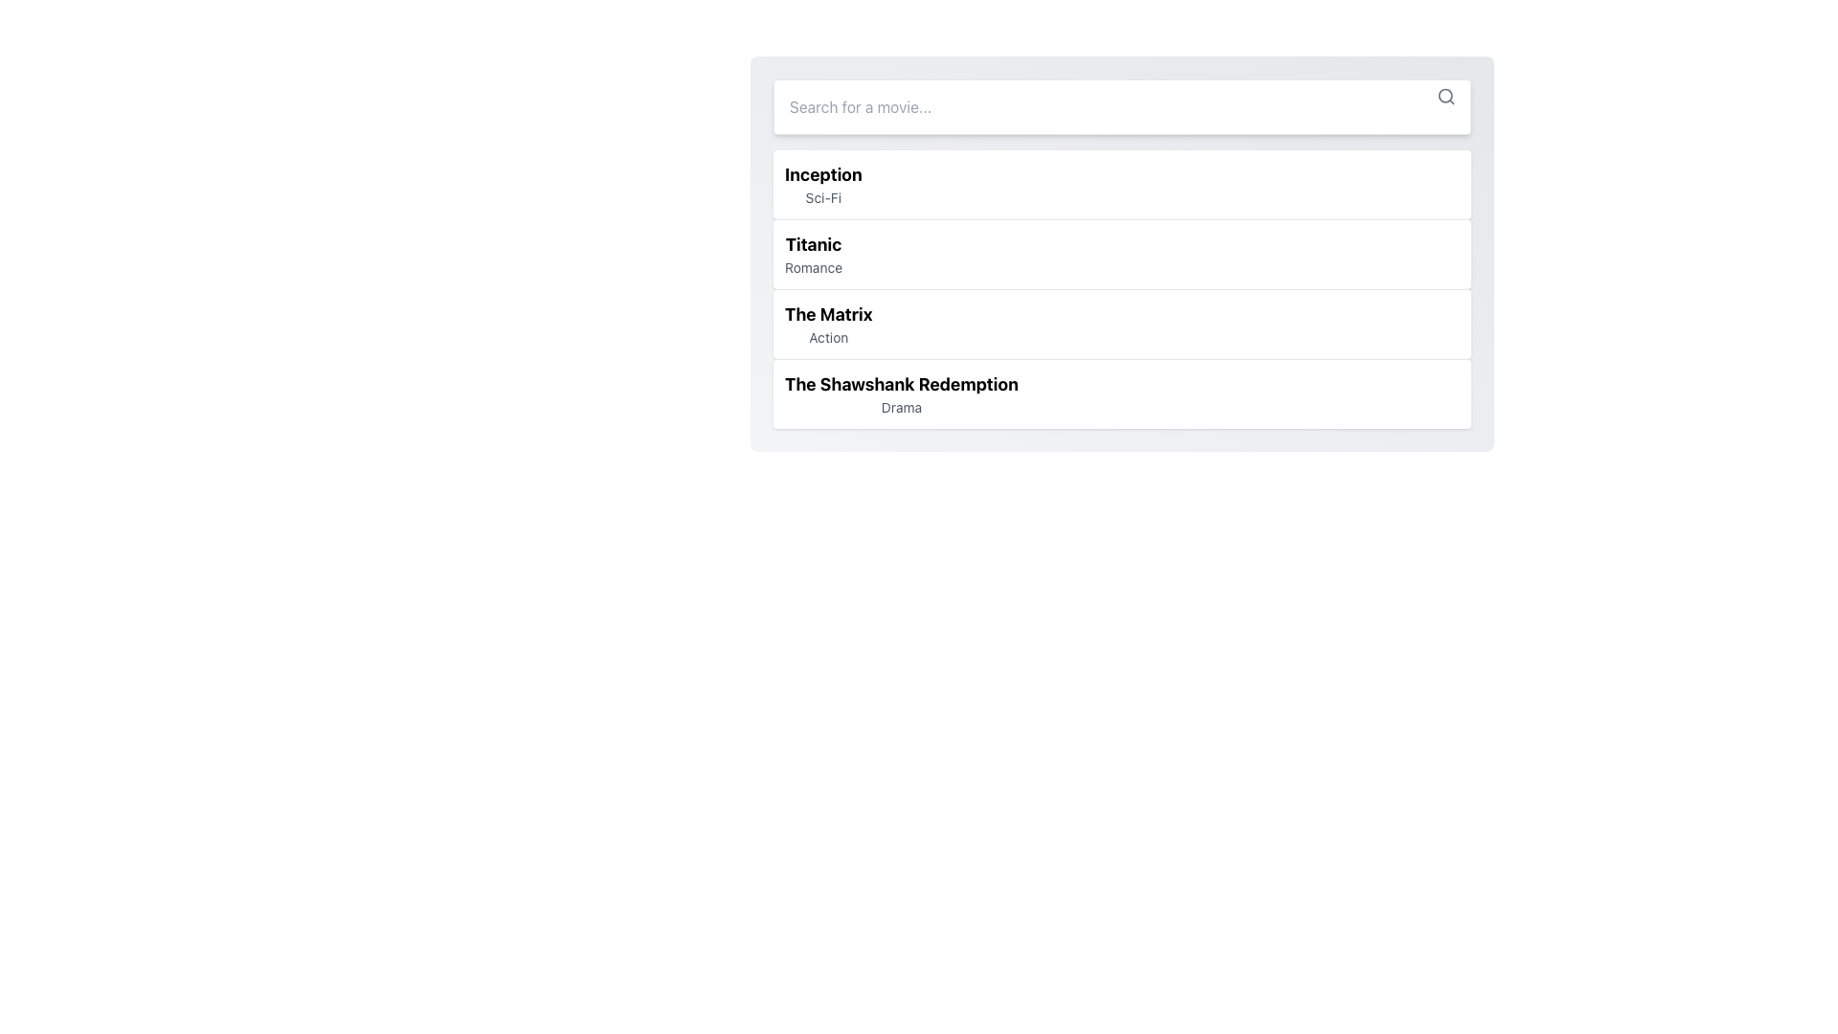 This screenshot has width=1838, height=1034. What do you see at coordinates (1122, 393) in the screenshot?
I see `the fourth list item representing the movie 'The Shawshank Redemption'` at bounding box center [1122, 393].